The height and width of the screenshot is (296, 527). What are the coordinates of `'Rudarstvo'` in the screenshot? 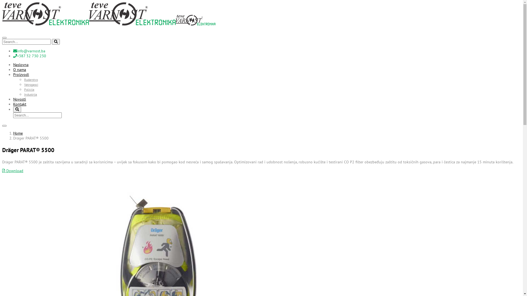 It's located at (24, 79).